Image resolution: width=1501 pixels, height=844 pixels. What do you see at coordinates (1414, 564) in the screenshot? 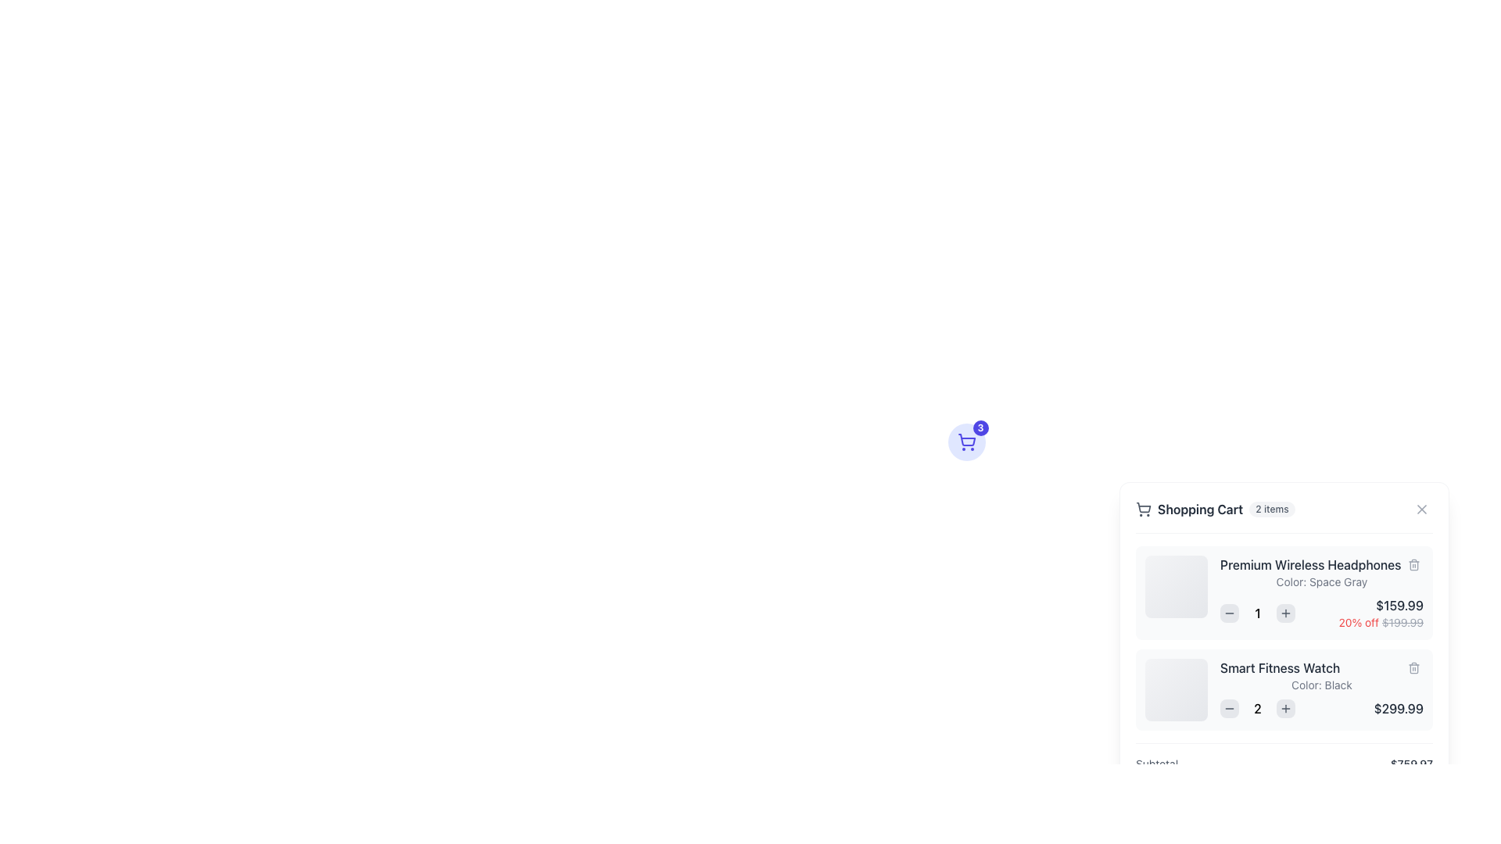
I see `the trash bin icon next to the 'Premium Wireless Headphones' product in the shopping cart` at bounding box center [1414, 564].